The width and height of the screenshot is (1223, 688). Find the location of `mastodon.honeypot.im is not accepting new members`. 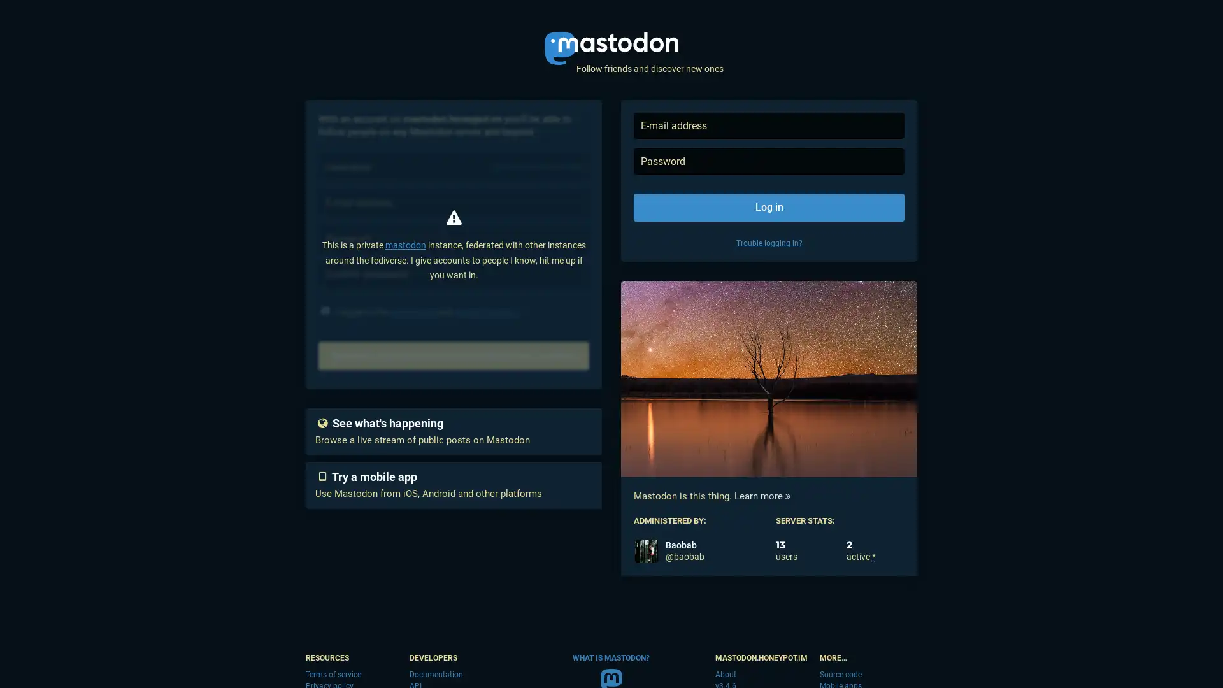

mastodon.honeypot.im is not accepting new members is located at coordinates (454, 356).